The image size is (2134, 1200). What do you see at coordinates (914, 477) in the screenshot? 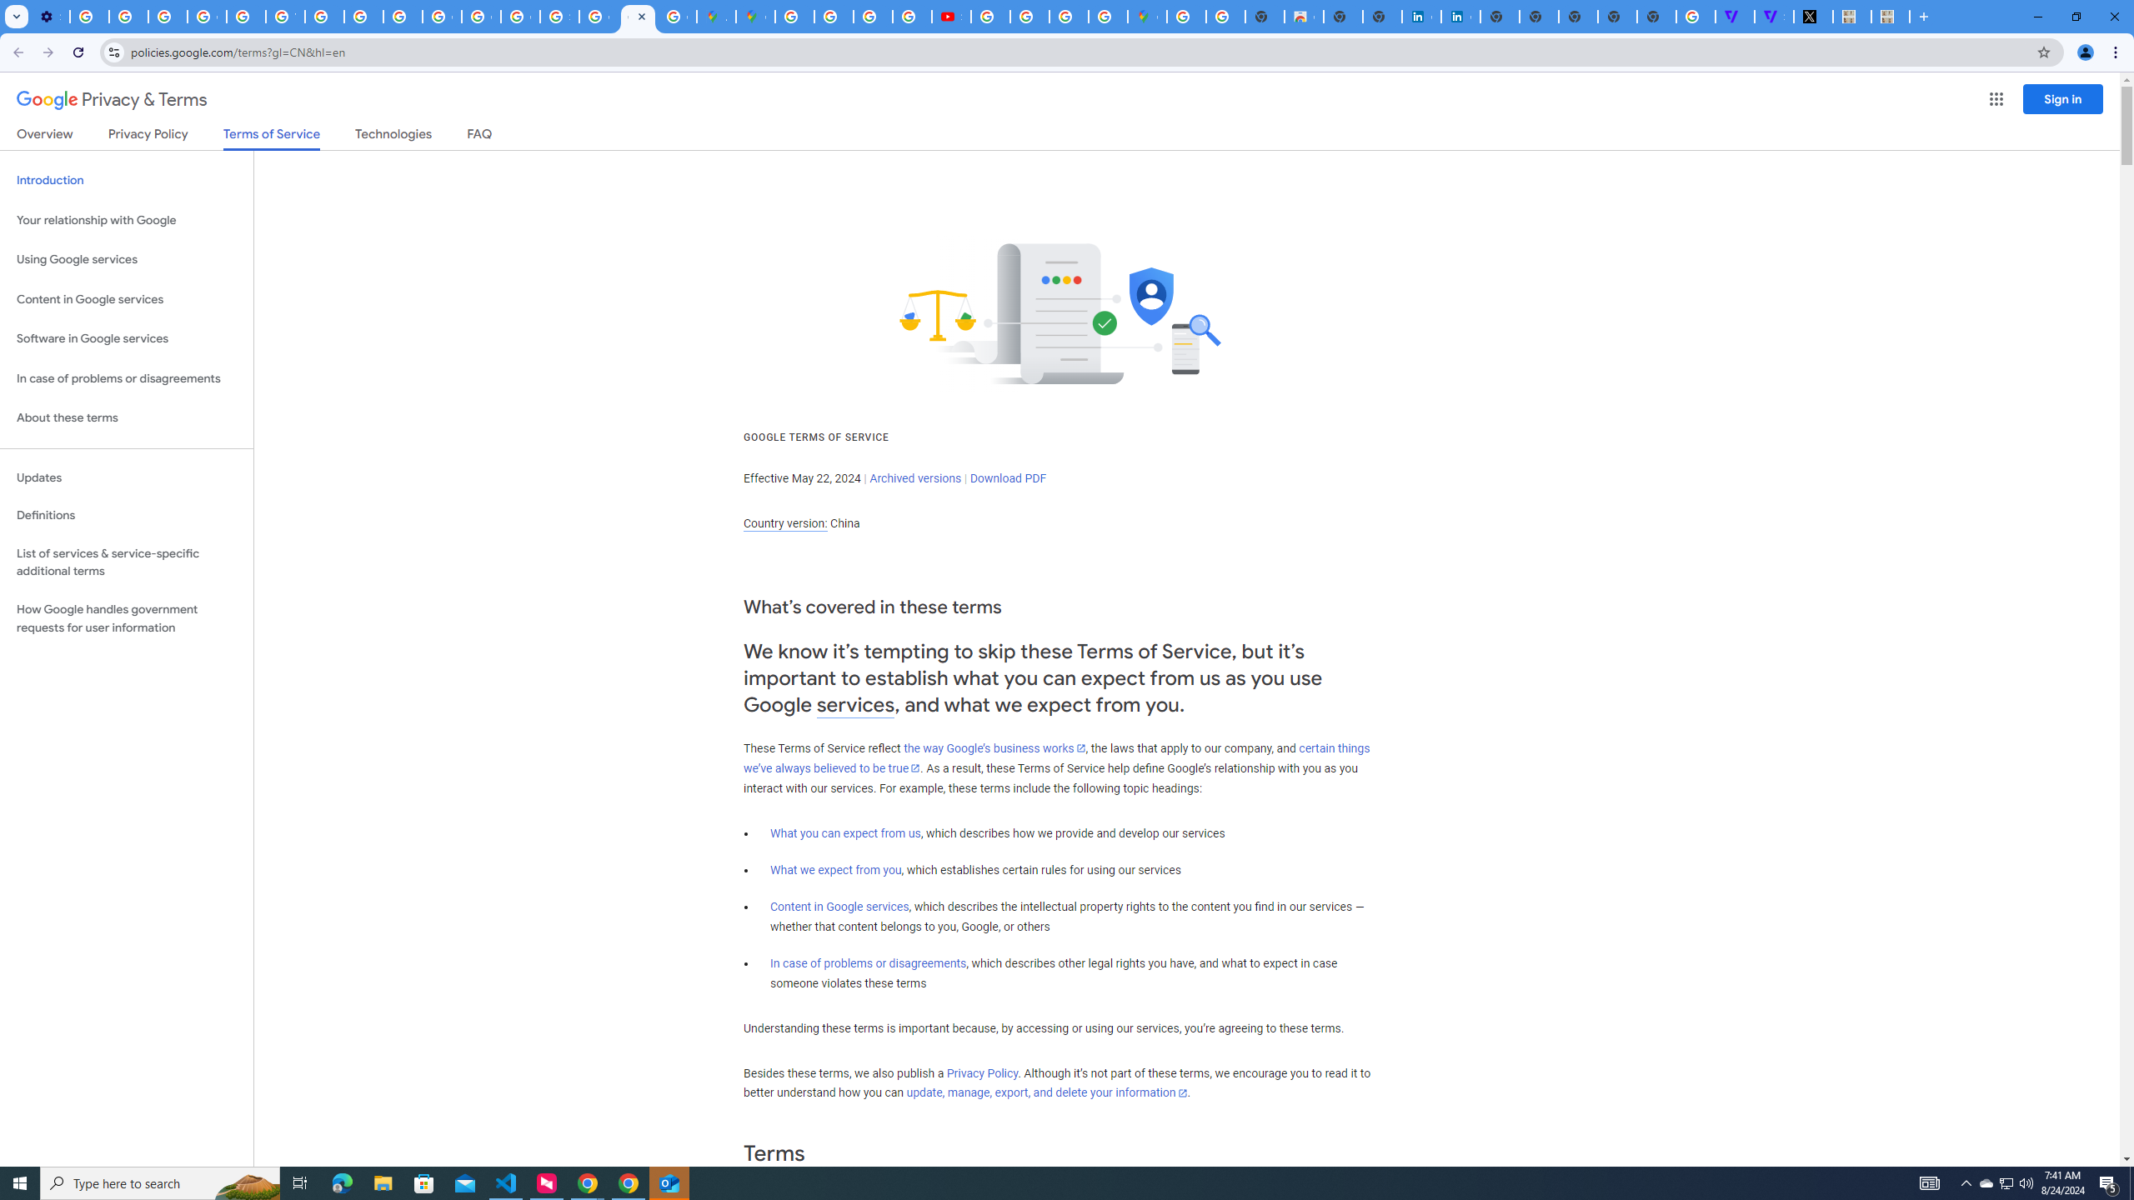
I see `'Archived versions'` at bounding box center [914, 477].